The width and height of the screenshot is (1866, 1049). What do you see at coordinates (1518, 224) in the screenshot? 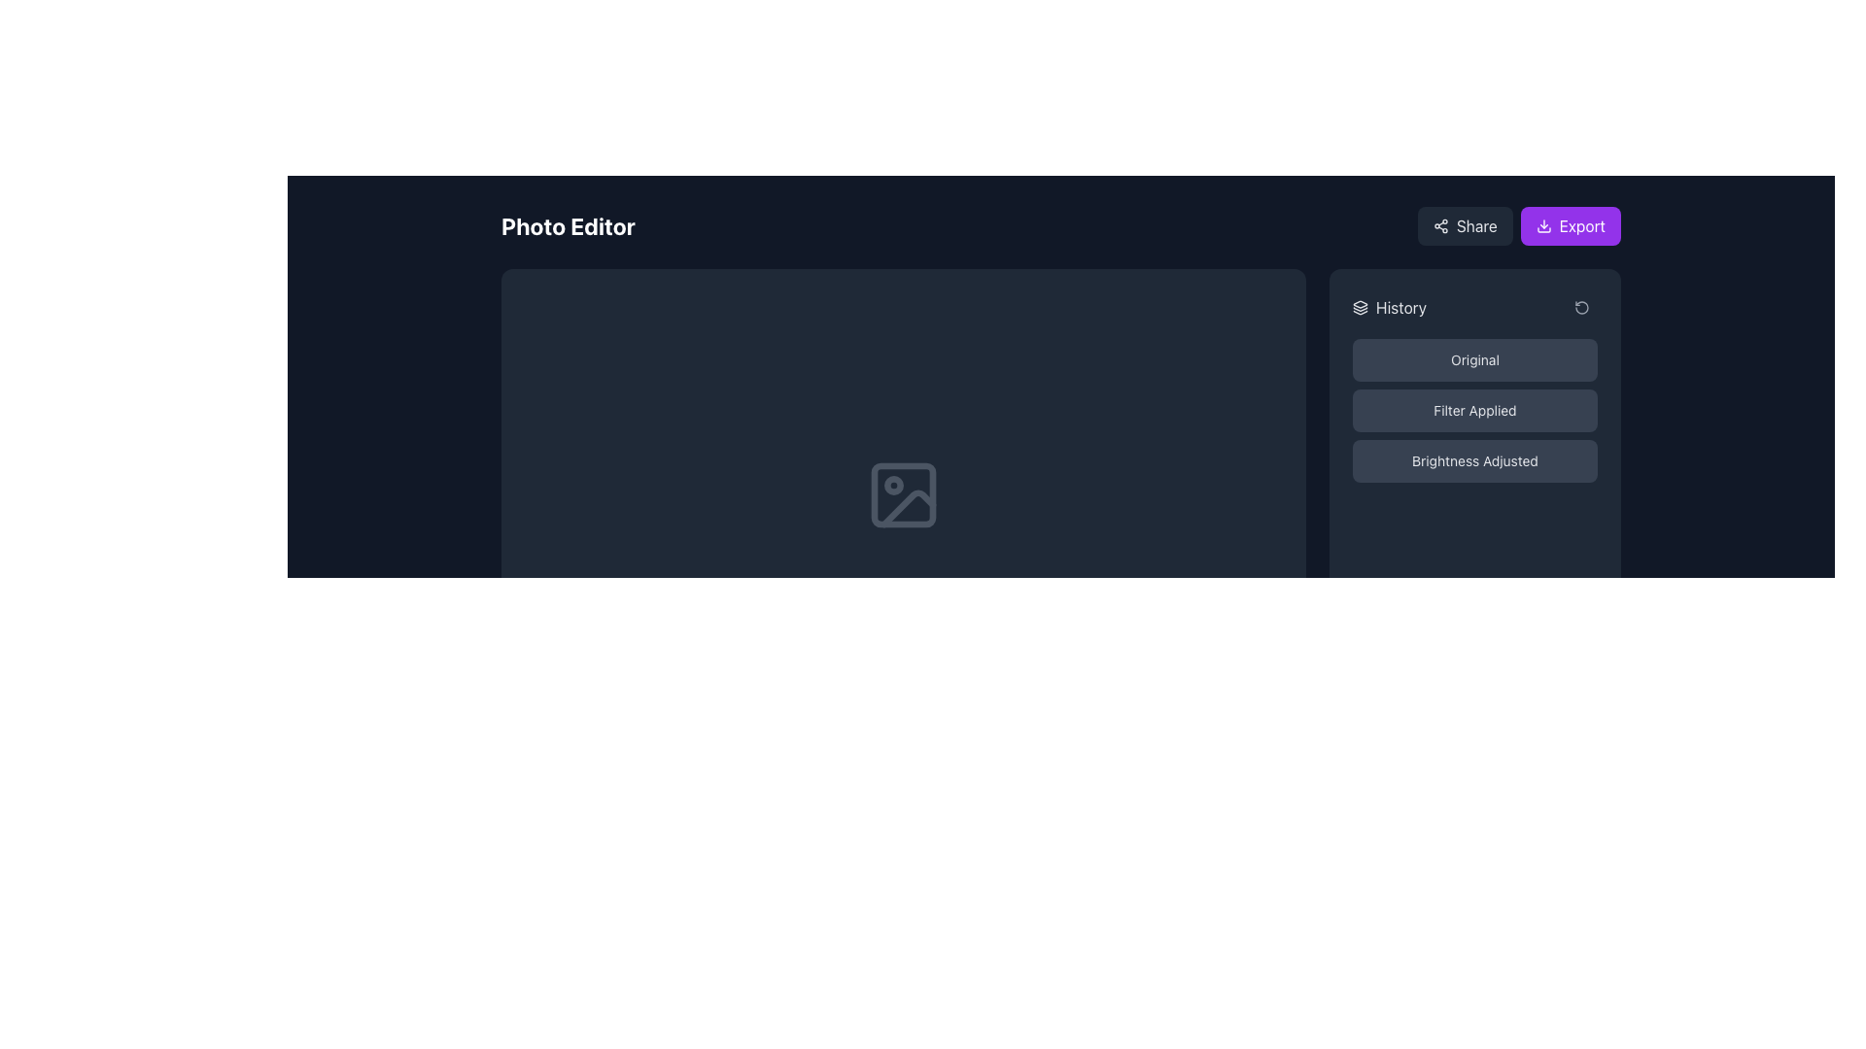
I see `the 'Export' button, which is styled with a purple background and white text, located in the upper-right corner of the interface adjacent to the 'Share' button` at bounding box center [1518, 224].